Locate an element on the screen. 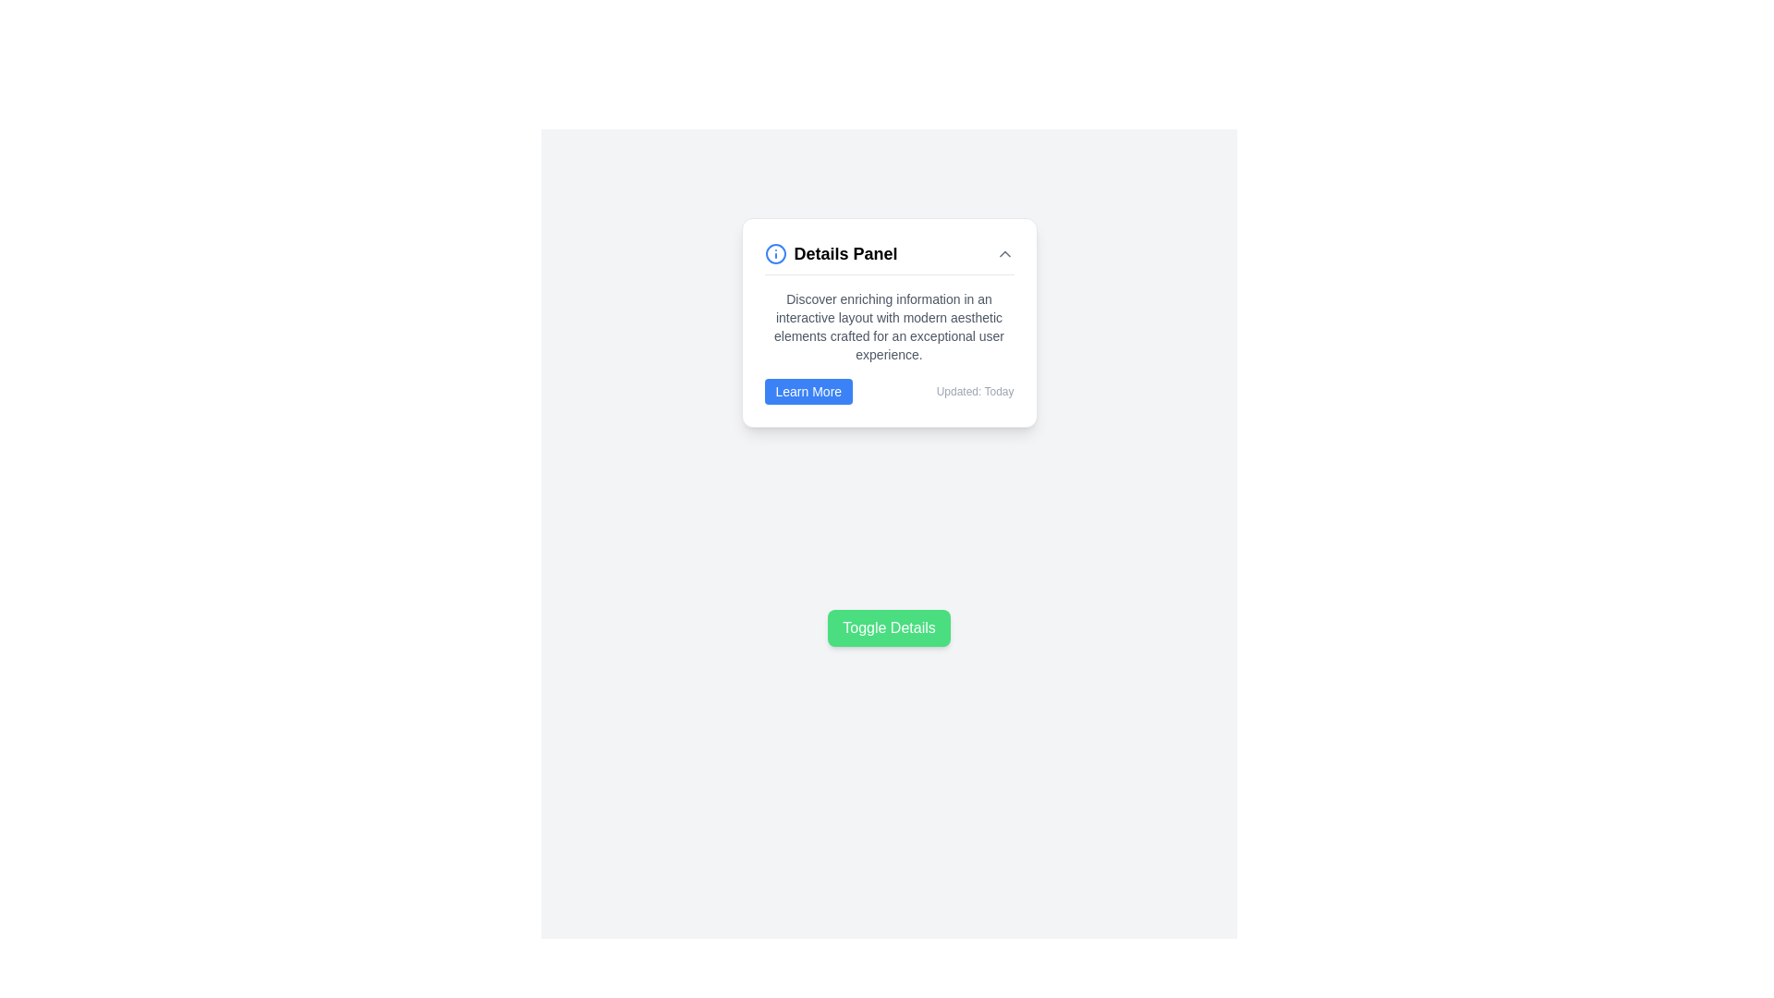 The image size is (1774, 998). the Panel Header located at the top of the panel is located at coordinates (889, 258).